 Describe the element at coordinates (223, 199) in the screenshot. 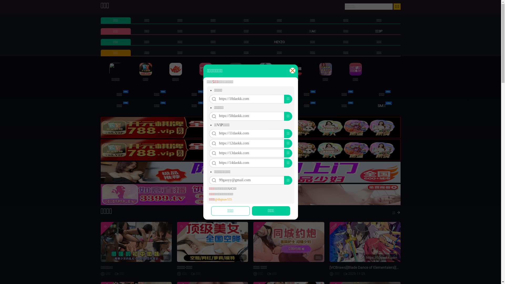

I see `'@diqiuav555'` at that location.